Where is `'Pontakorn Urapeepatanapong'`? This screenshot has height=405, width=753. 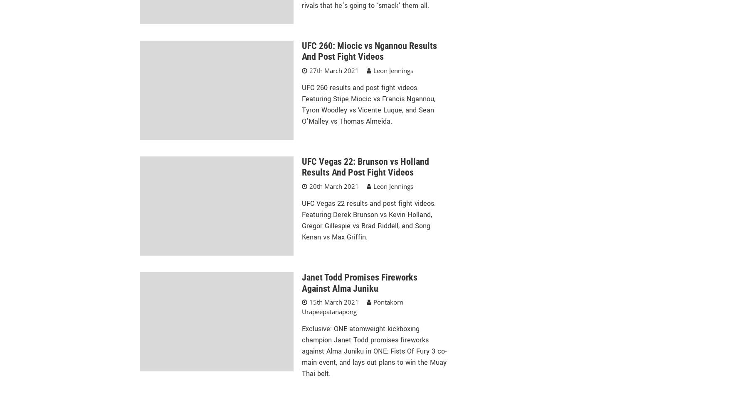
'Pontakorn Urapeepatanapong' is located at coordinates (352, 307).